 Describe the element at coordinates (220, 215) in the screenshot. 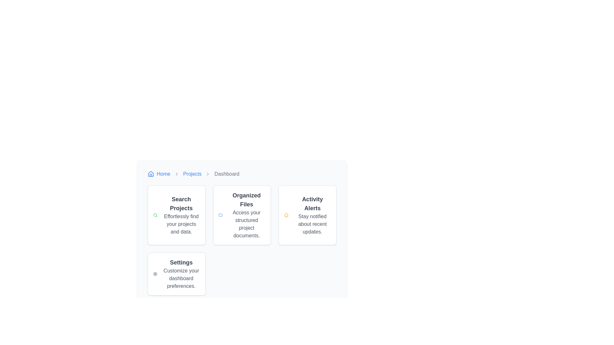

I see `the blue folder icon located in the top-left corner of the 'Organized Files' card, which represents file storage or organization` at that location.